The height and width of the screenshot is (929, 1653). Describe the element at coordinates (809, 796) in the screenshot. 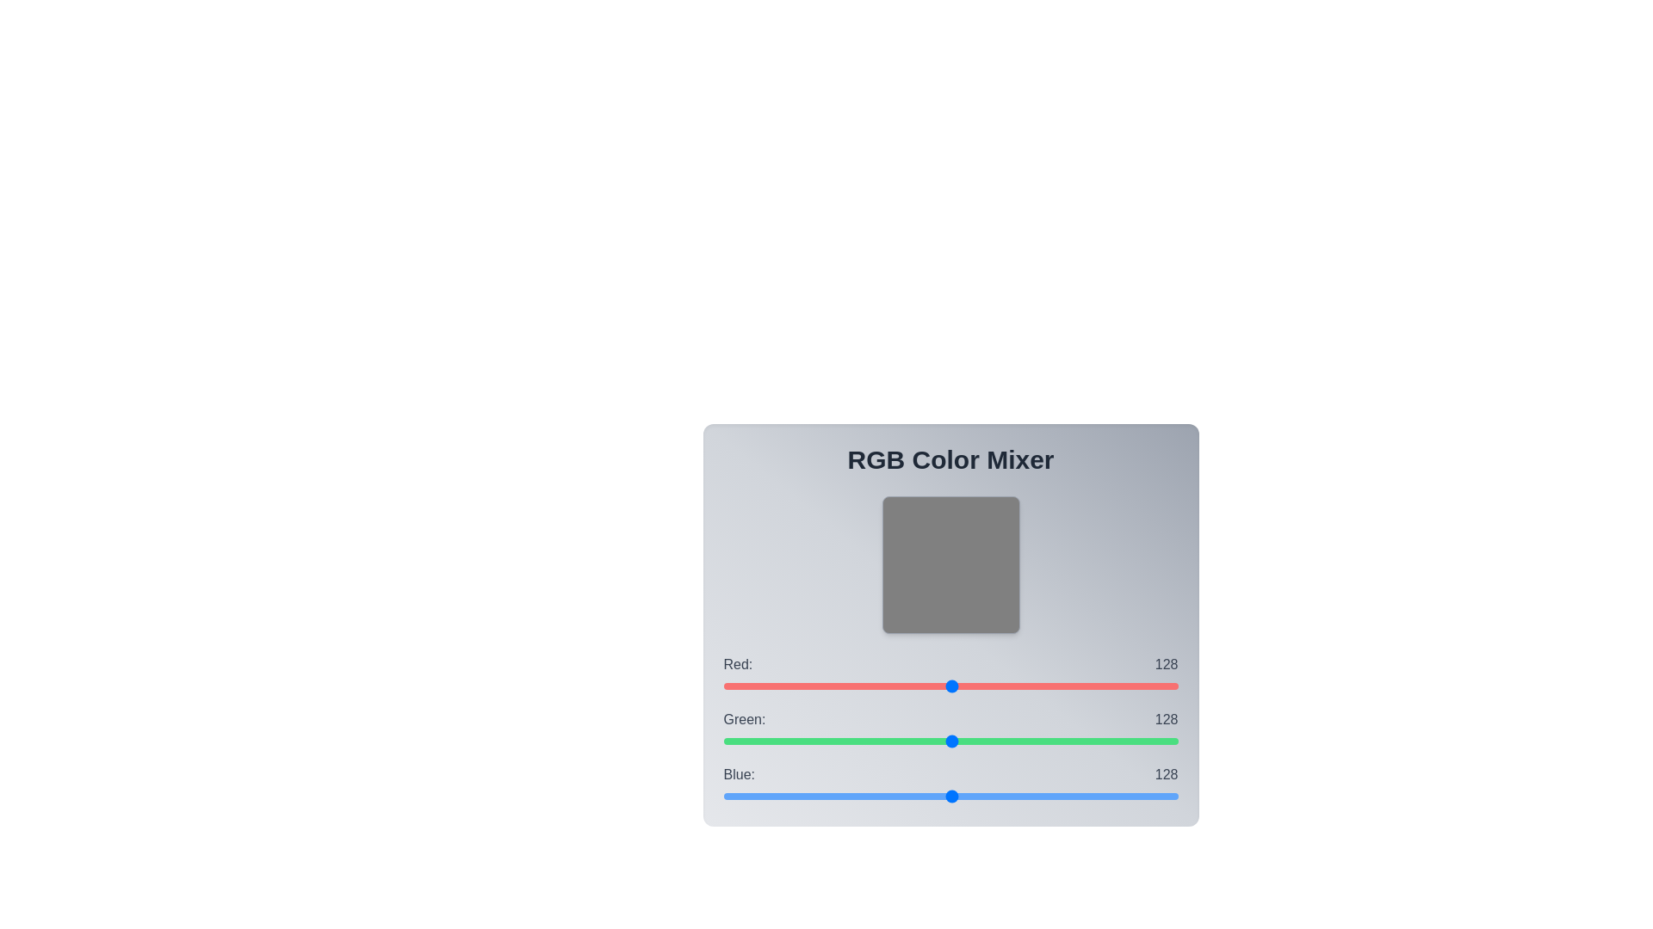

I see `the blue slider to set the blue value to 49` at that location.